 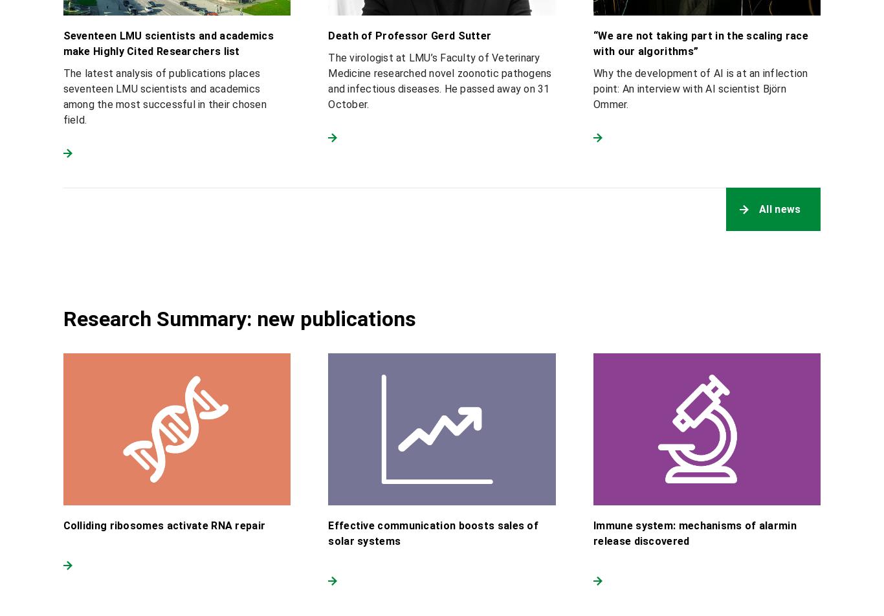 I want to click on 'Why the development of AI is at an inflection point: An interview with AI scientist Björn Ommer.', so click(x=700, y=88).